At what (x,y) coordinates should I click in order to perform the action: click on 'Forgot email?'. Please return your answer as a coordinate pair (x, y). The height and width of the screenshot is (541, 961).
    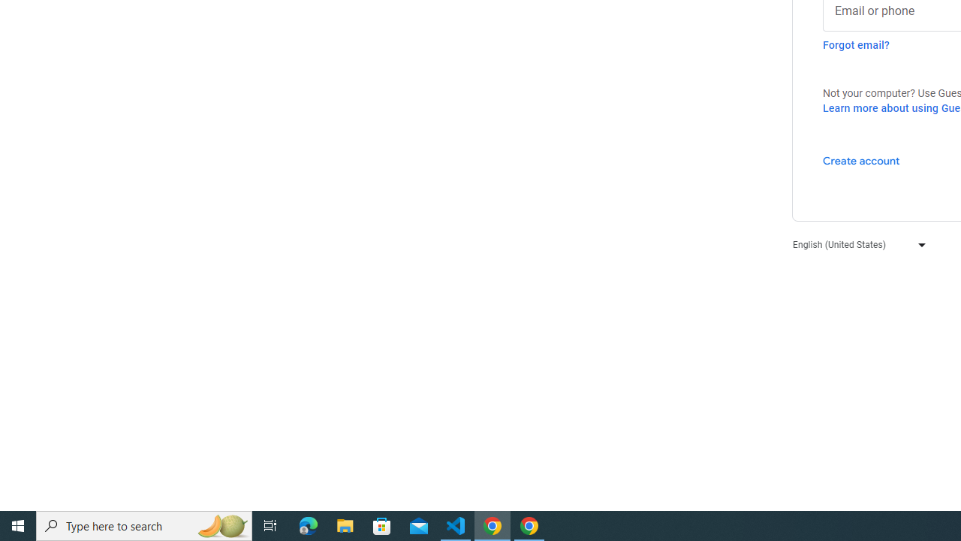
    Looking at the image, I should click on (856, 44).